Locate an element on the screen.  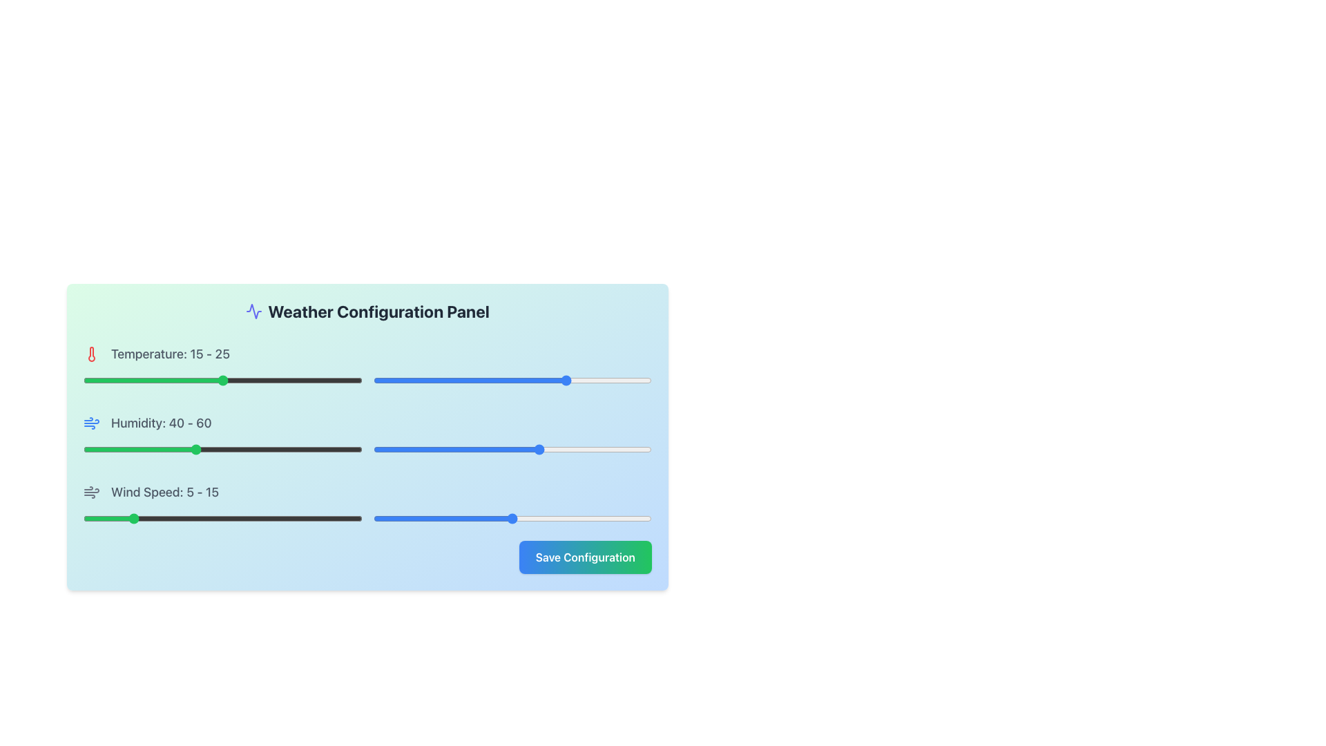
the humidity level is located at coordinates (180, 450).